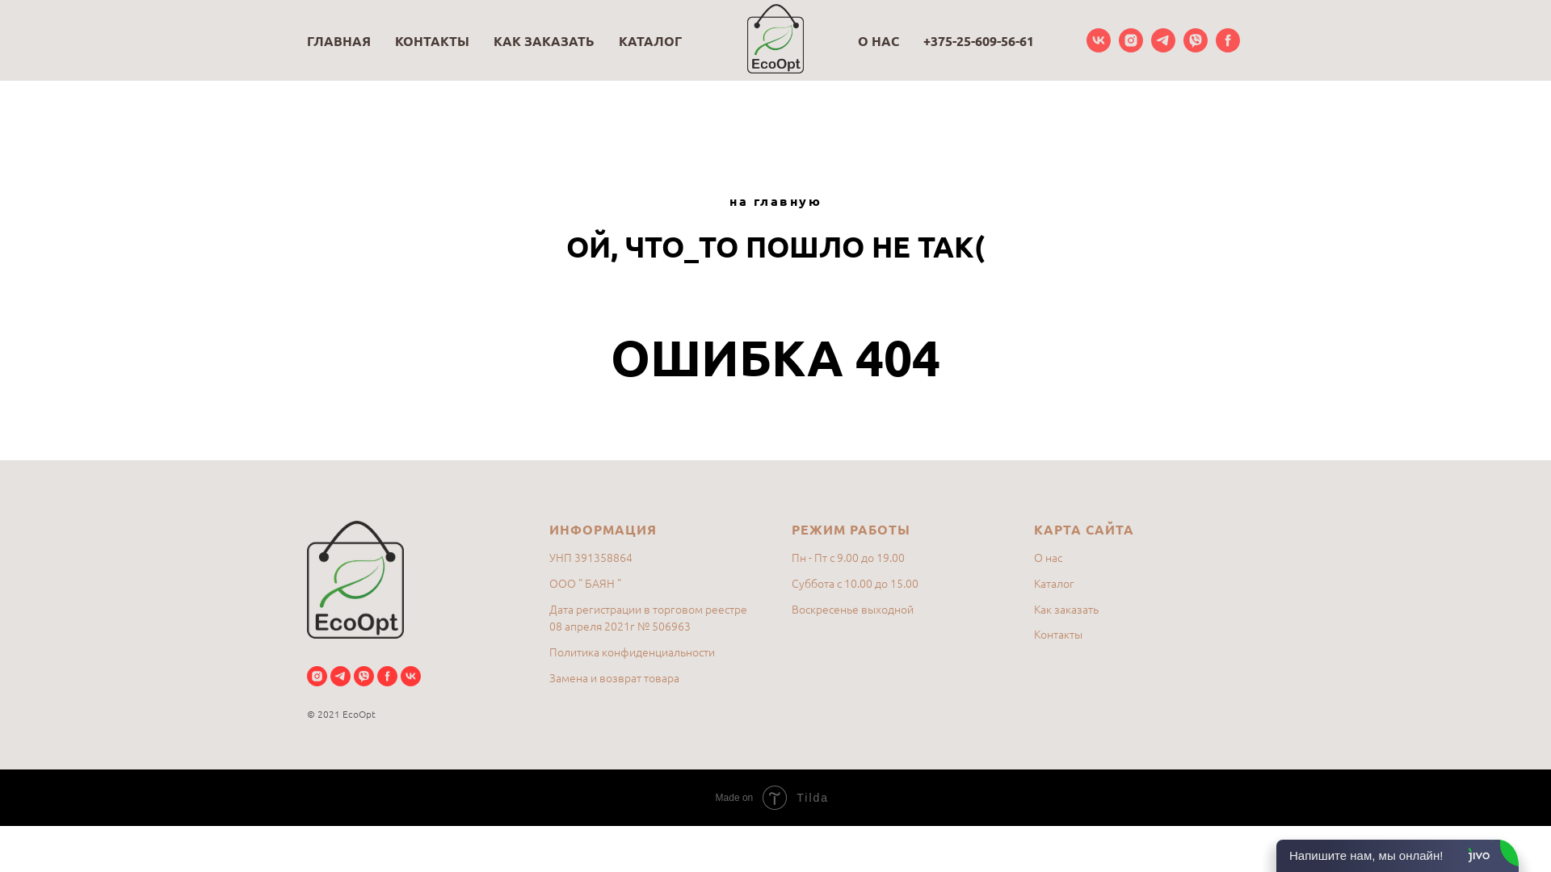  I want to click on '+375-25-609-56-61', so click(977, 40).